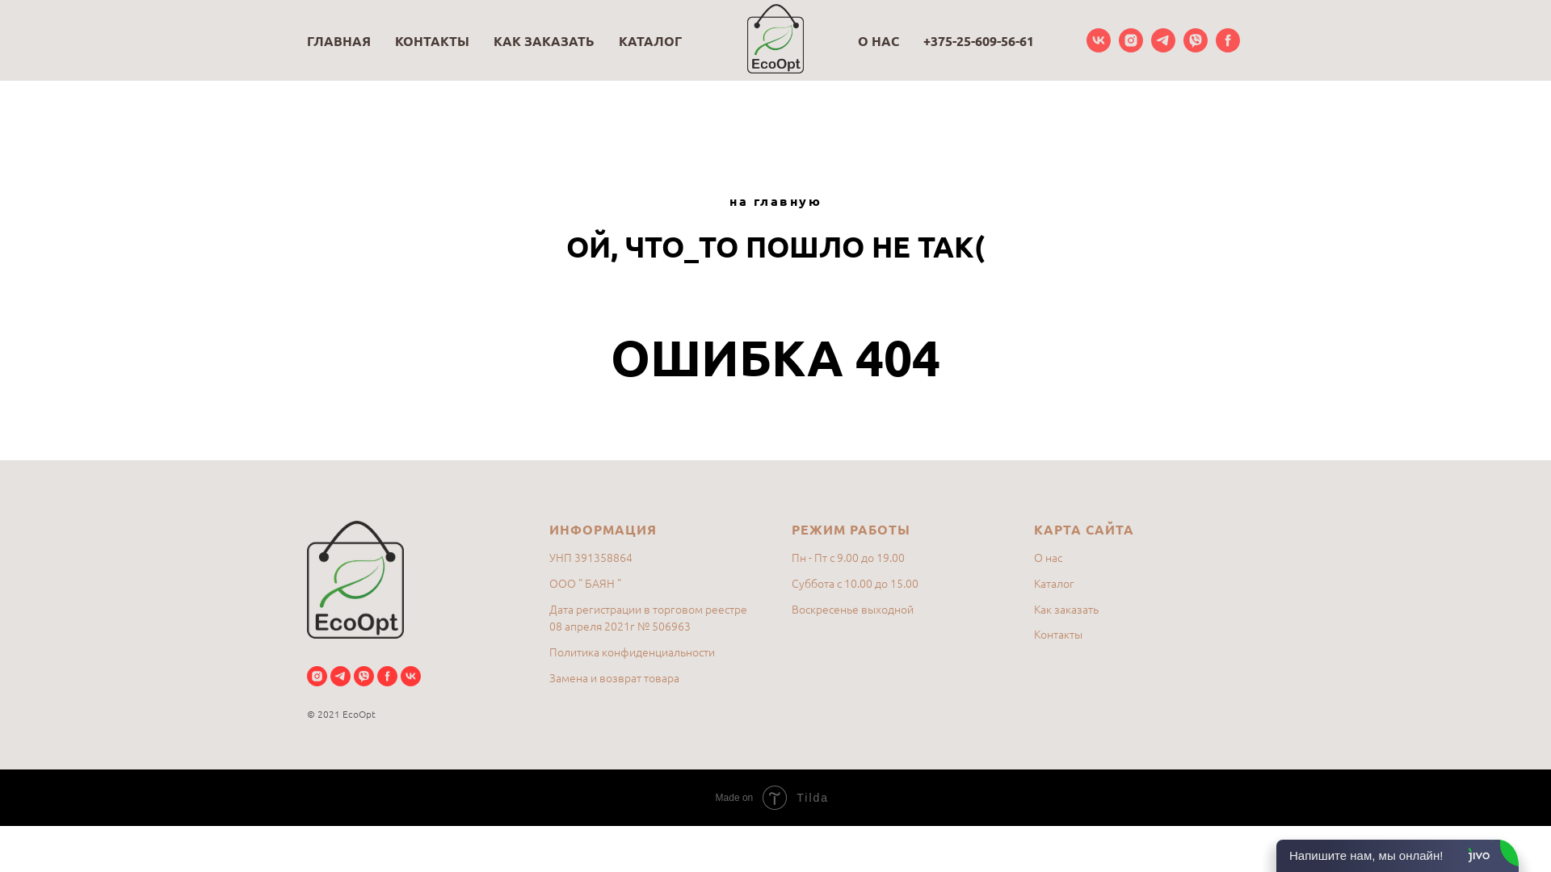  I want to click on '+375-25-609-56-61', so click(977, 40).